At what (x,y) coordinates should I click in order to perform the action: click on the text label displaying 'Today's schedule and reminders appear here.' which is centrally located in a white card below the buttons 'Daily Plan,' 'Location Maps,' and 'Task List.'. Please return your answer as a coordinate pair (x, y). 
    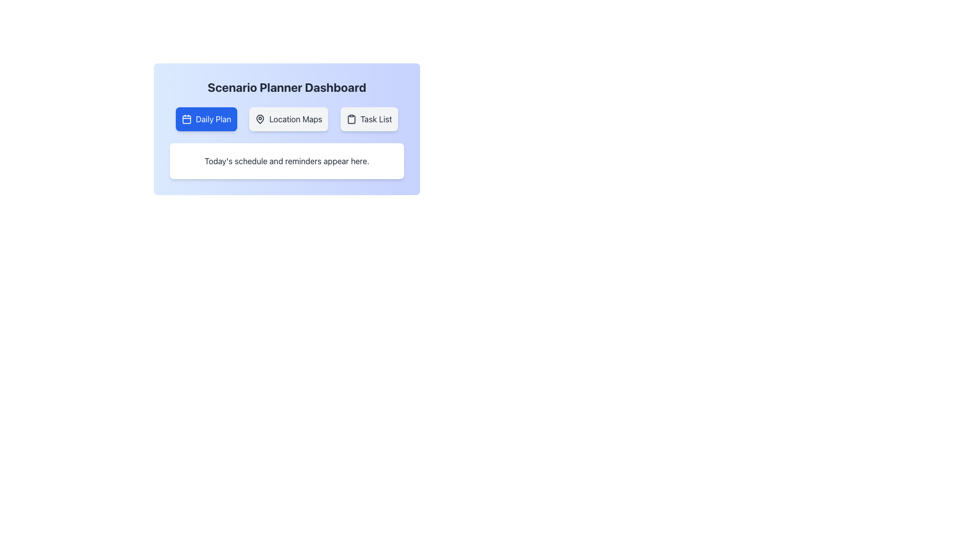
    Looking at the image, I should click on (286, 161).